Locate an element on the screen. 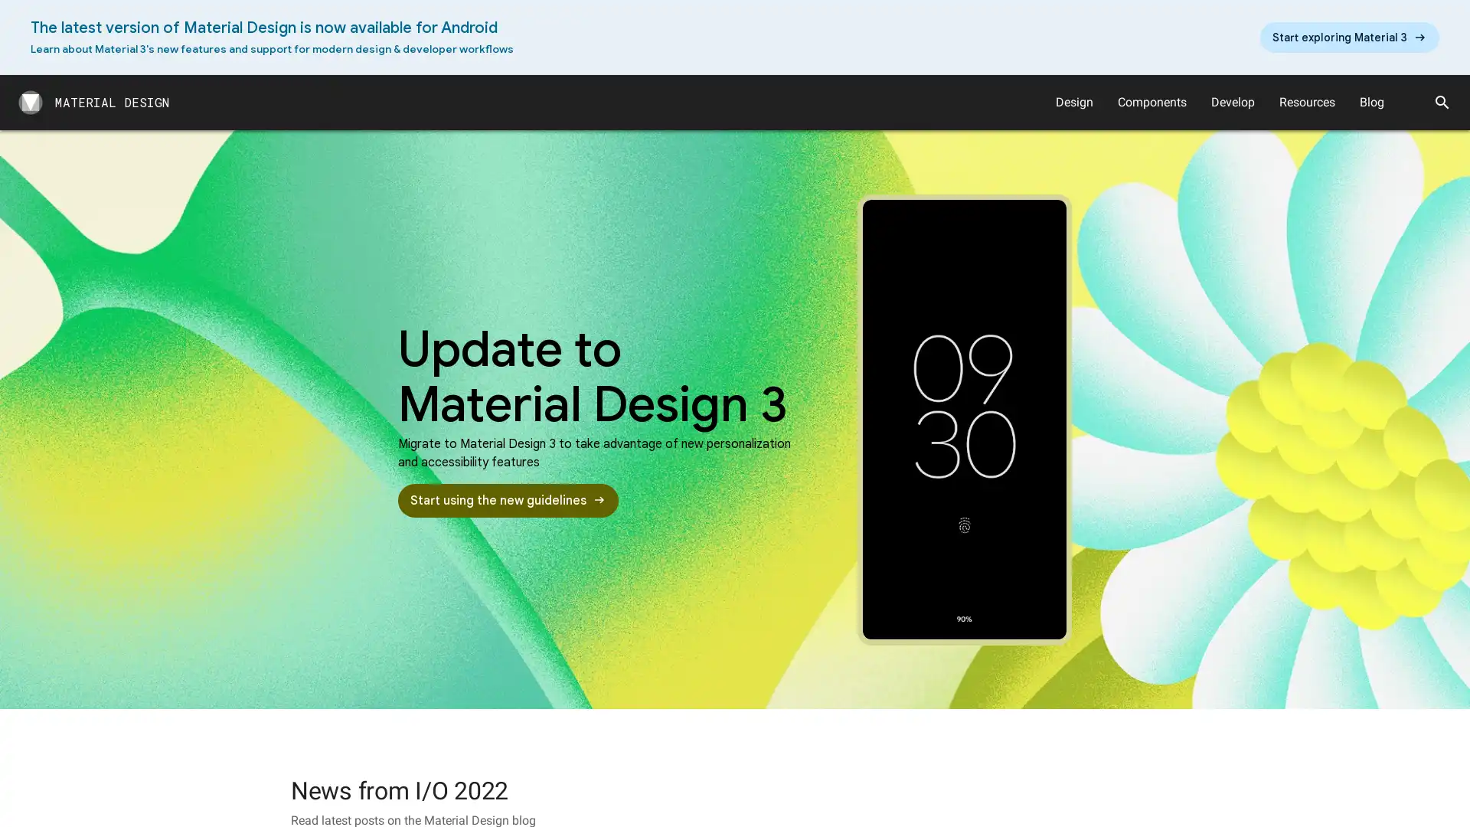  arrow_right_alt is located at coordinates (508, 501).